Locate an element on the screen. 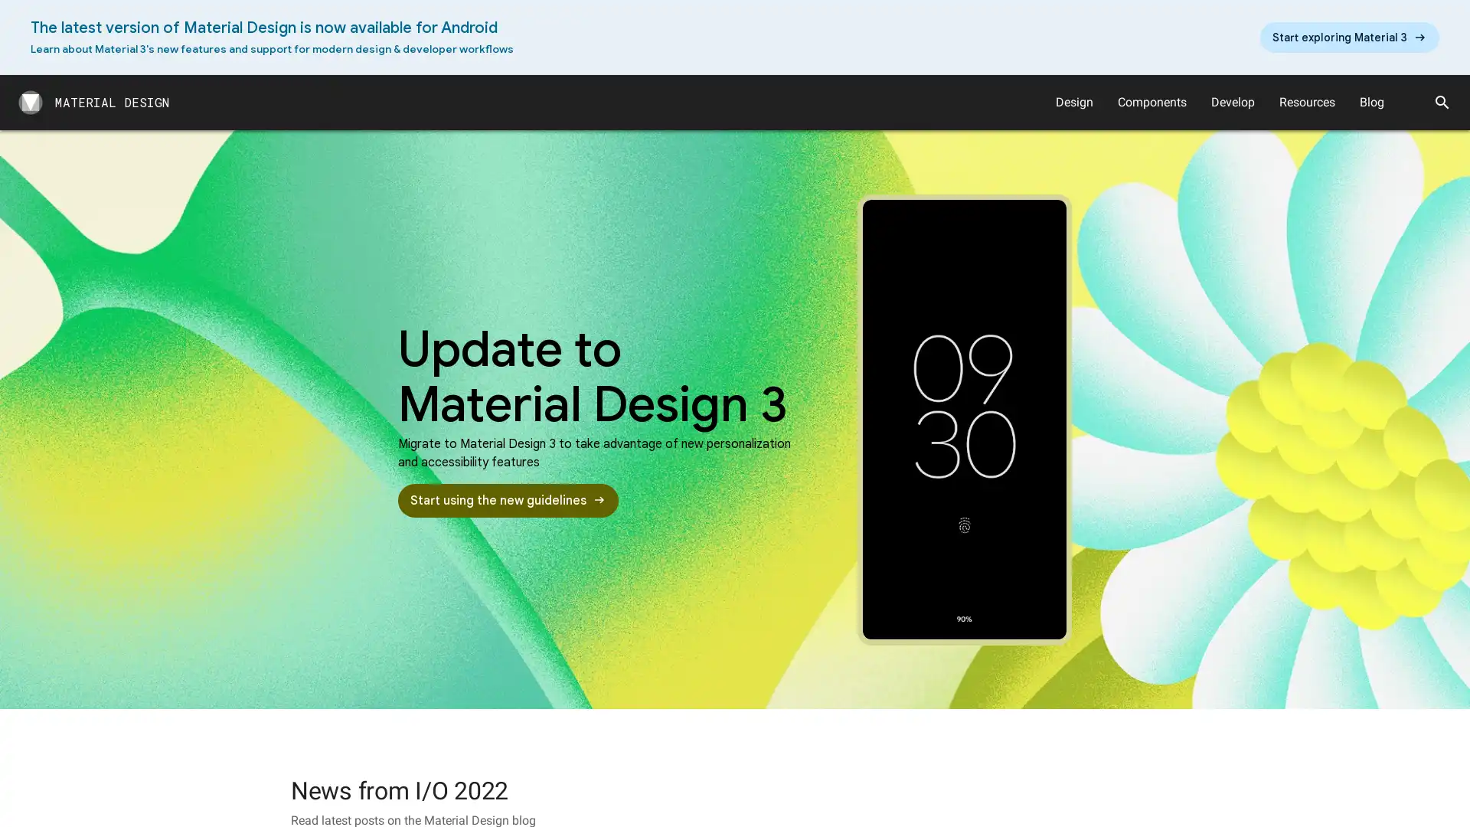  arrow_right_alt is located at coordinates (508, 501).